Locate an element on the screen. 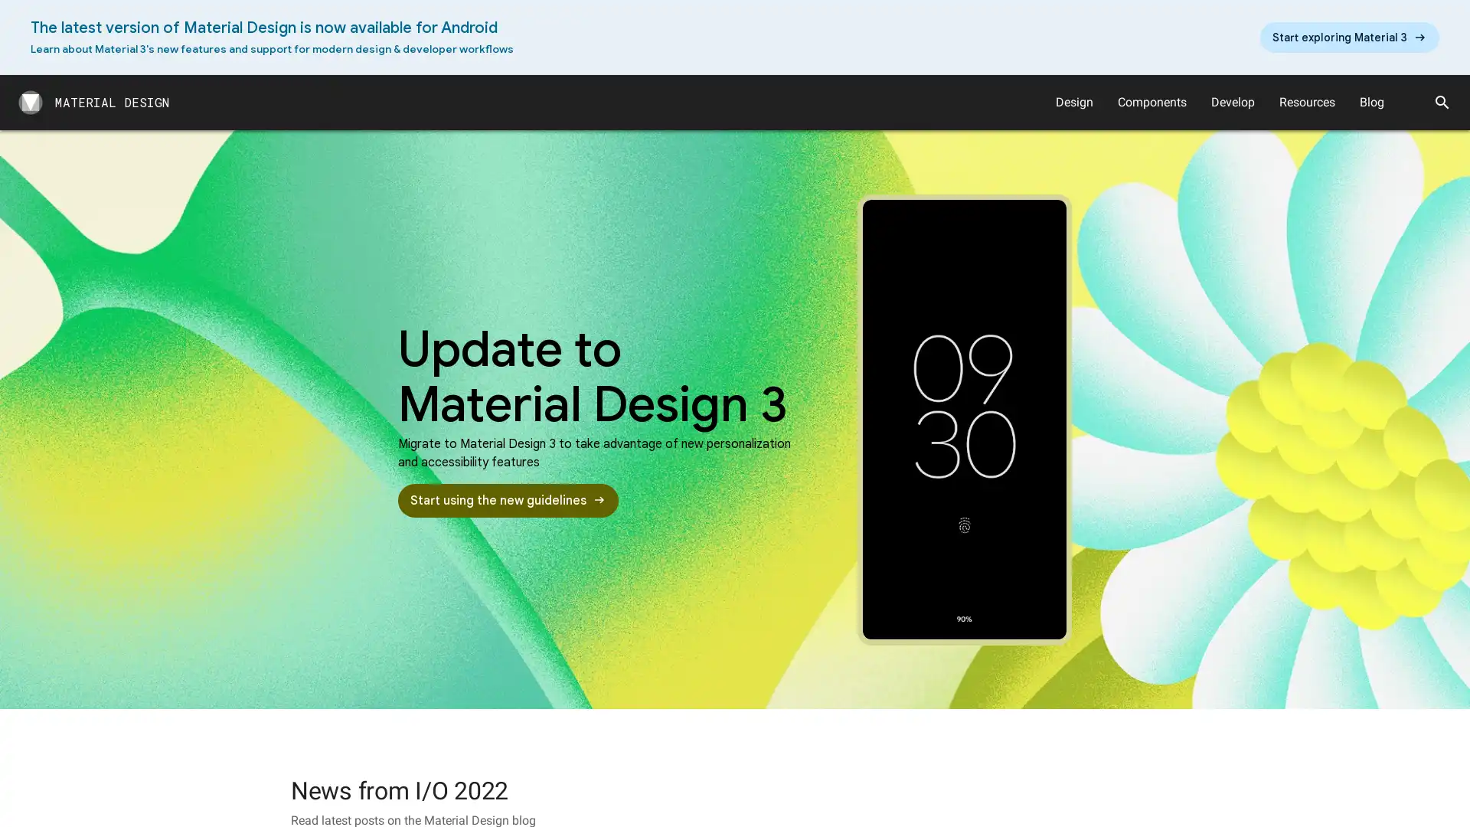  arrow_right_alt is located at coordinates (508, 501).